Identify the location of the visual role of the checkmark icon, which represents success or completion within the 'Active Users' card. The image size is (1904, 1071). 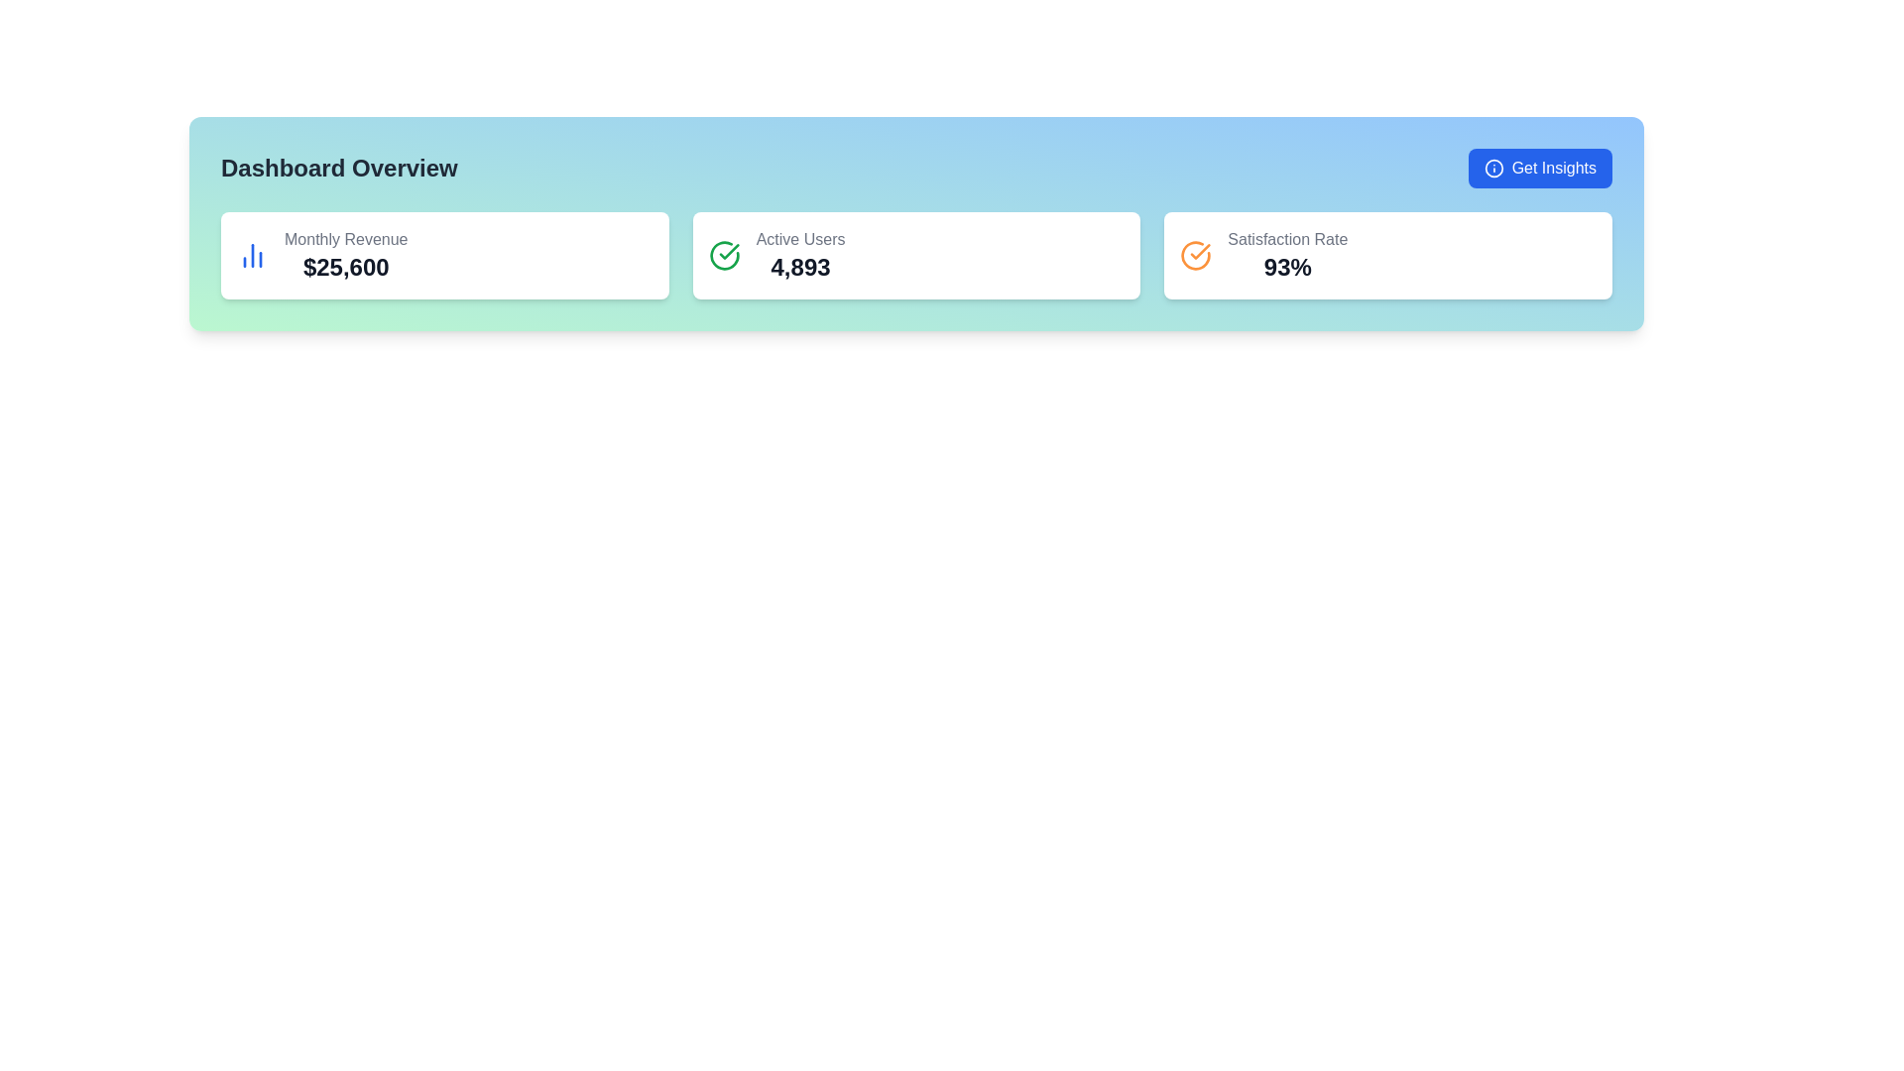
(1199, 251).